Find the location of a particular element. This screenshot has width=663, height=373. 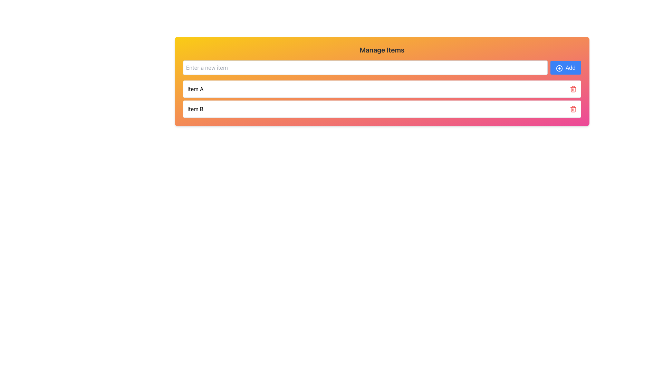

the first list item labeled 'Item A' in the Manage Items interface is located at coordinates (382, 89).